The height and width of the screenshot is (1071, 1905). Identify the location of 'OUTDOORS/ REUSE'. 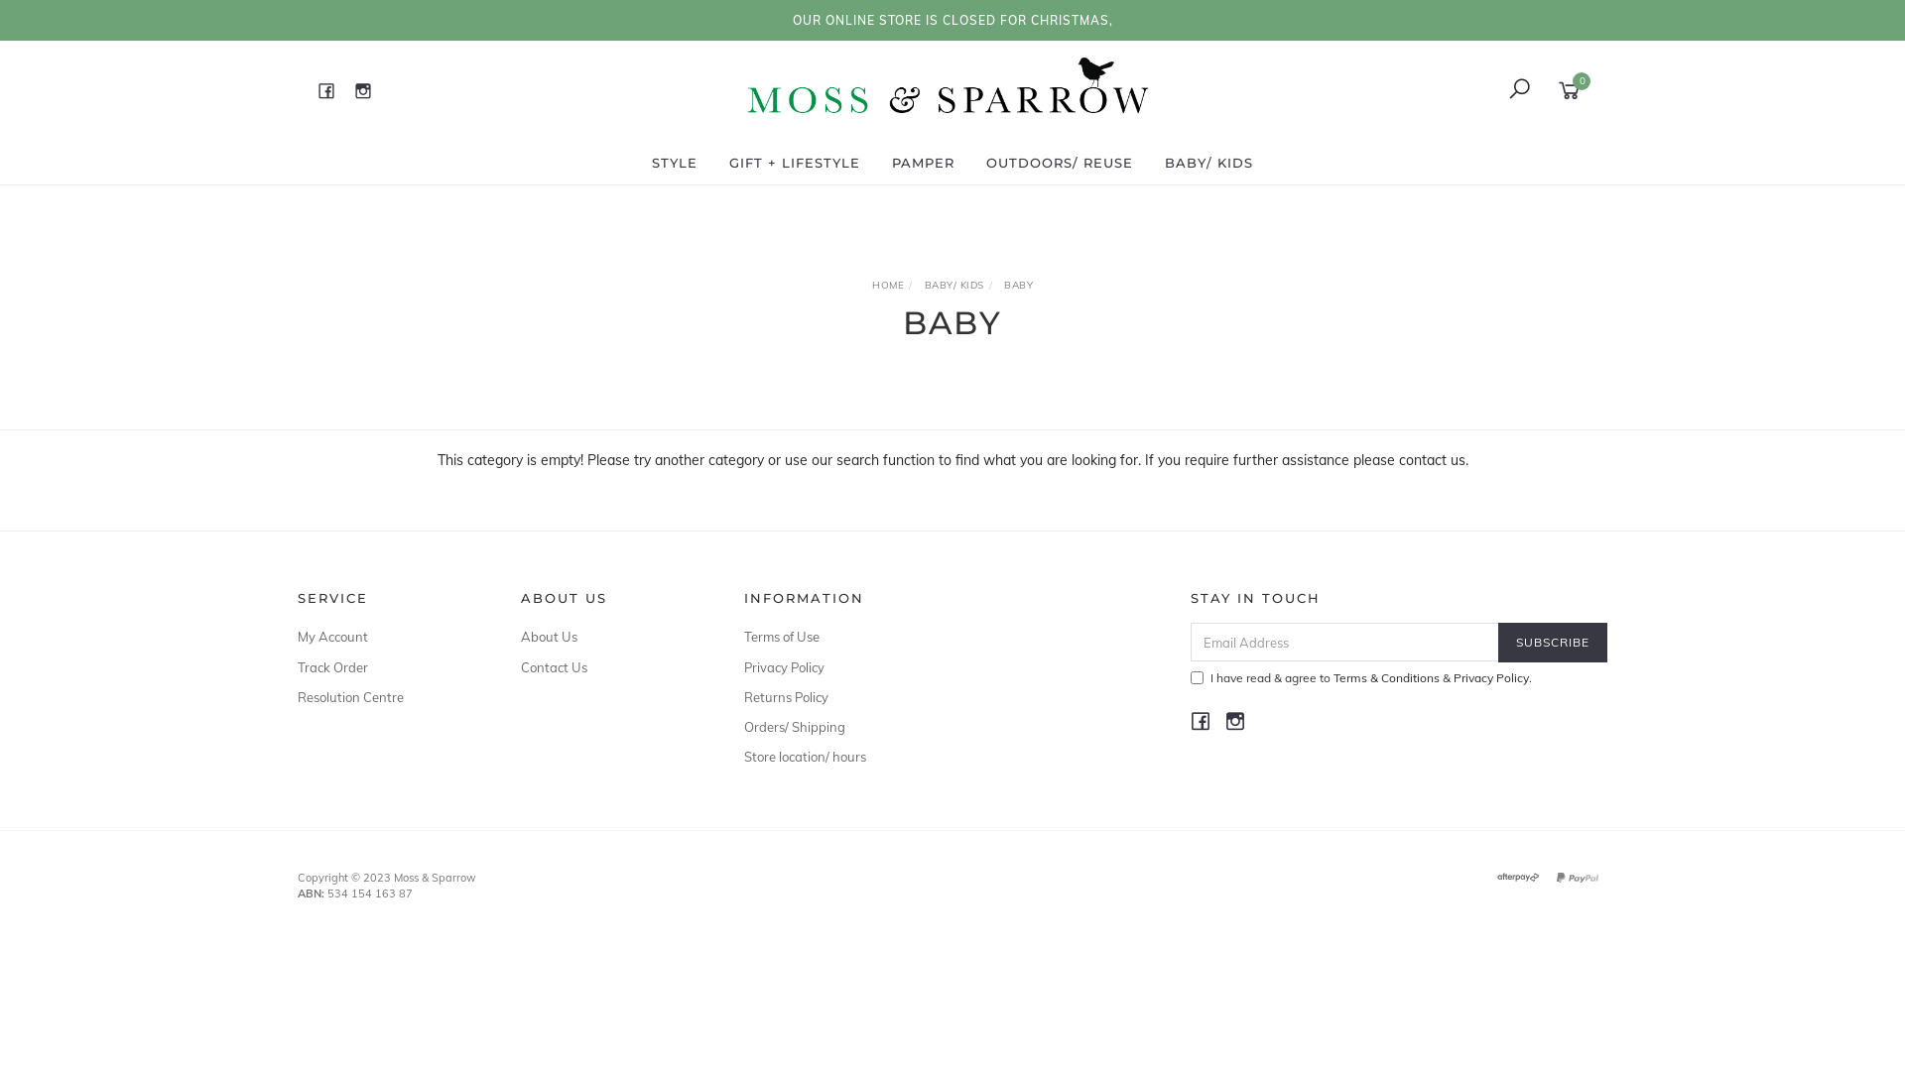
(1058, 162).